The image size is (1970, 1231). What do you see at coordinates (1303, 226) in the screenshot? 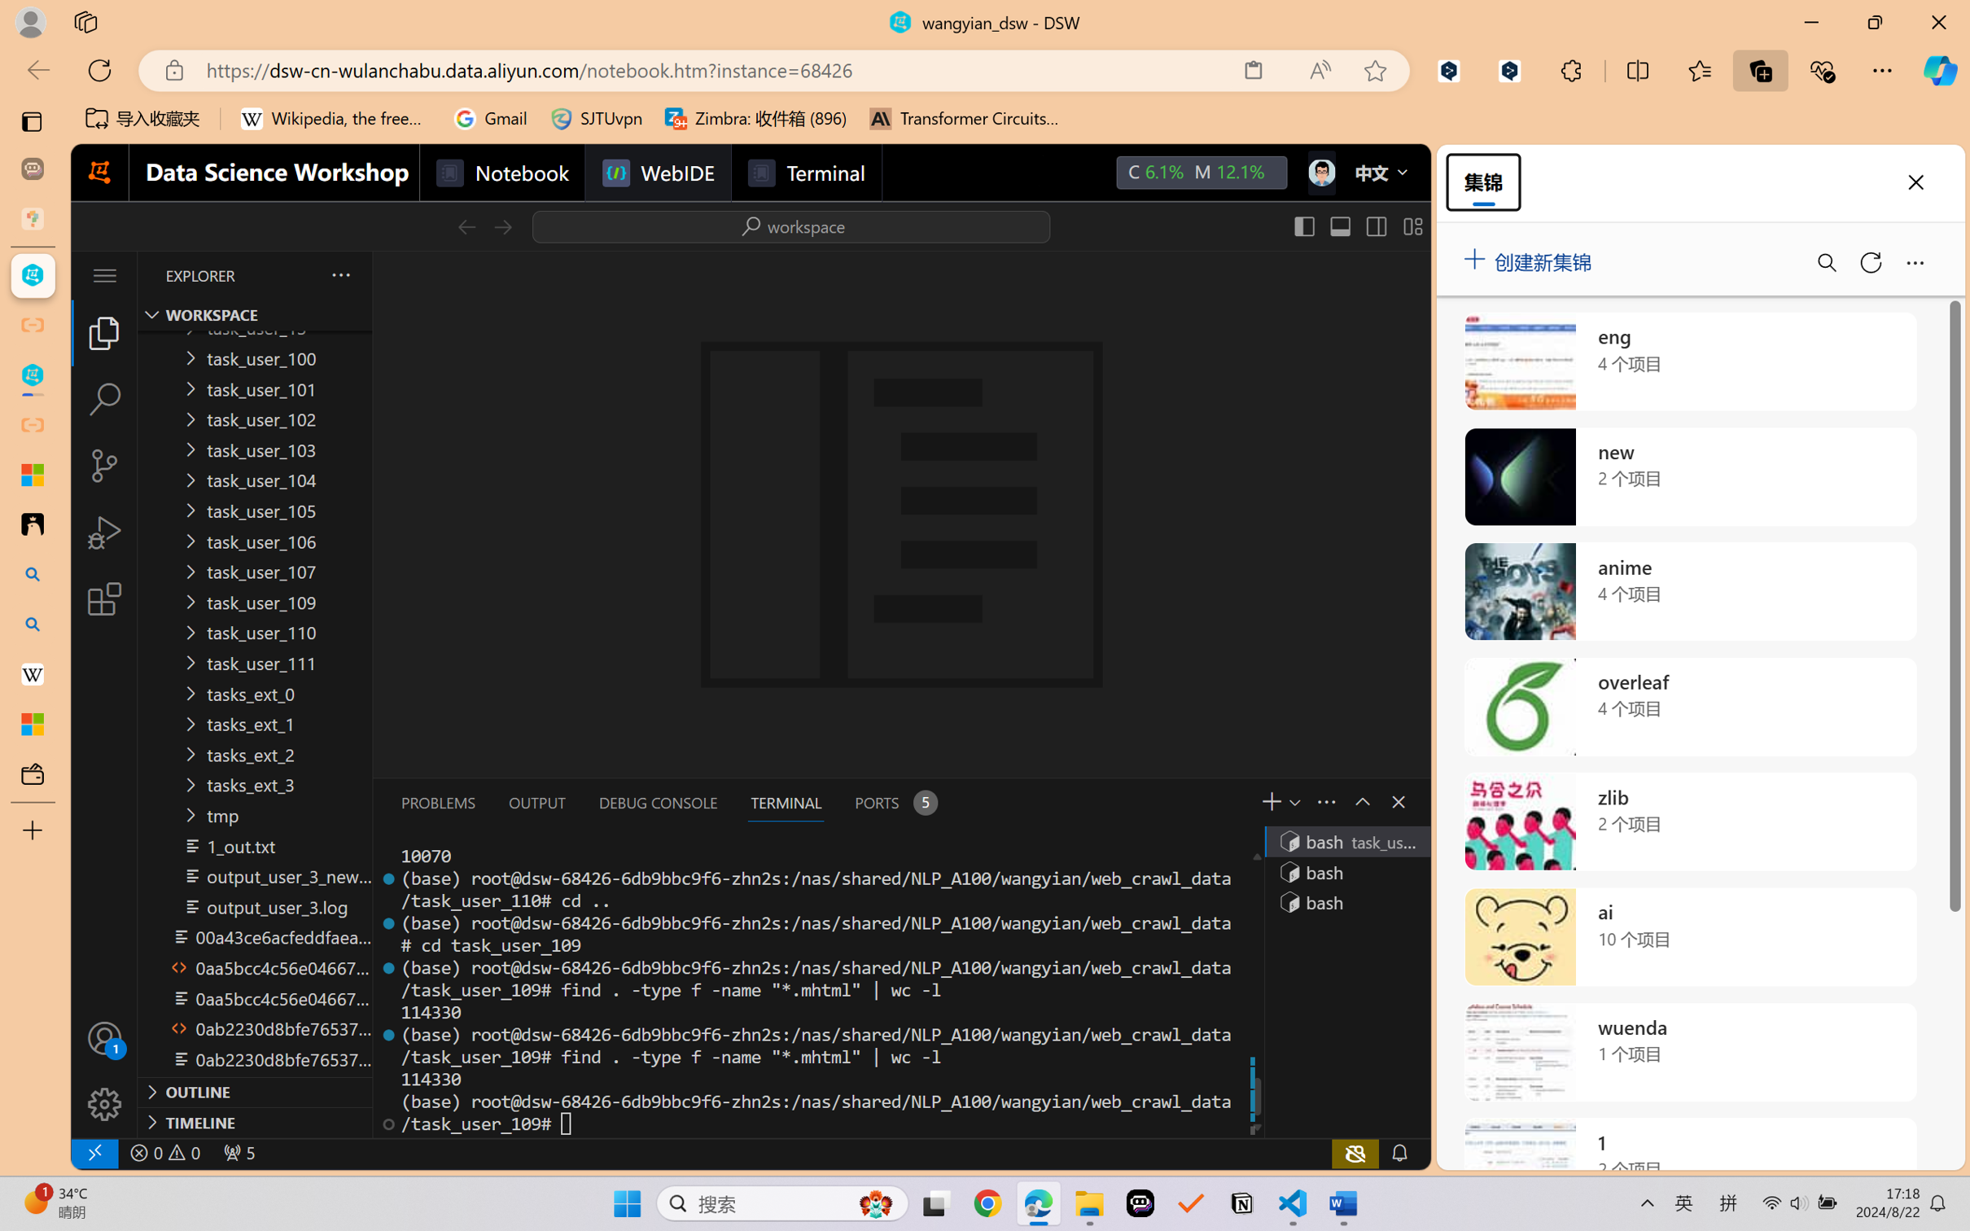
I see `'Toggle Primary Side Bar (Ctrl+B)'` at bounding box center [1303, 226].